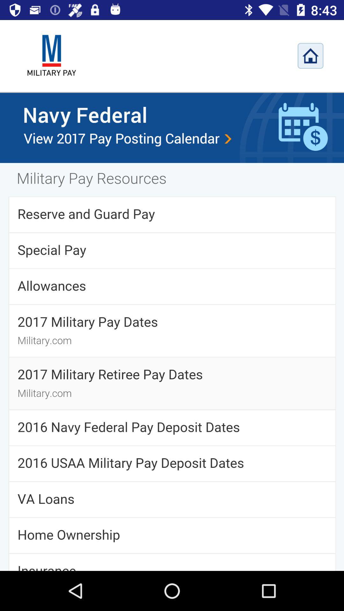 The image size is (344, 611). I want to click on home page, so click(310, 56).